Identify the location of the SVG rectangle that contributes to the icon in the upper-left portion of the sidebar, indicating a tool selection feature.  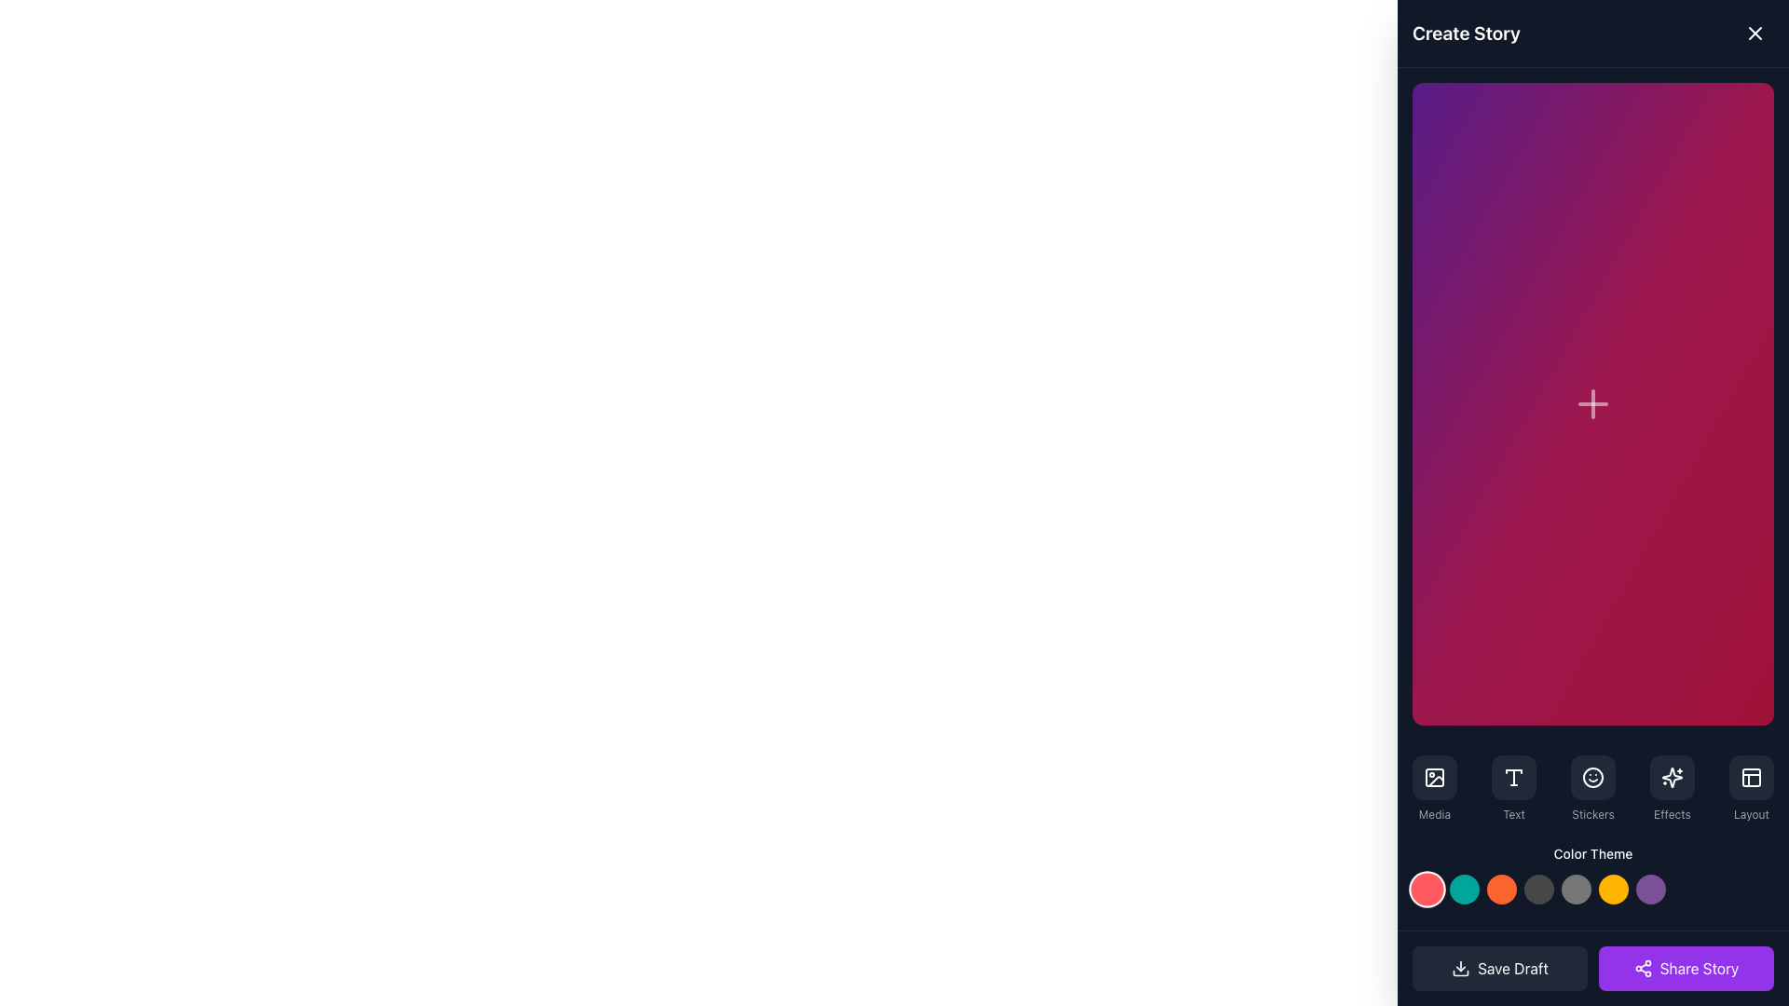
(1751, 776).